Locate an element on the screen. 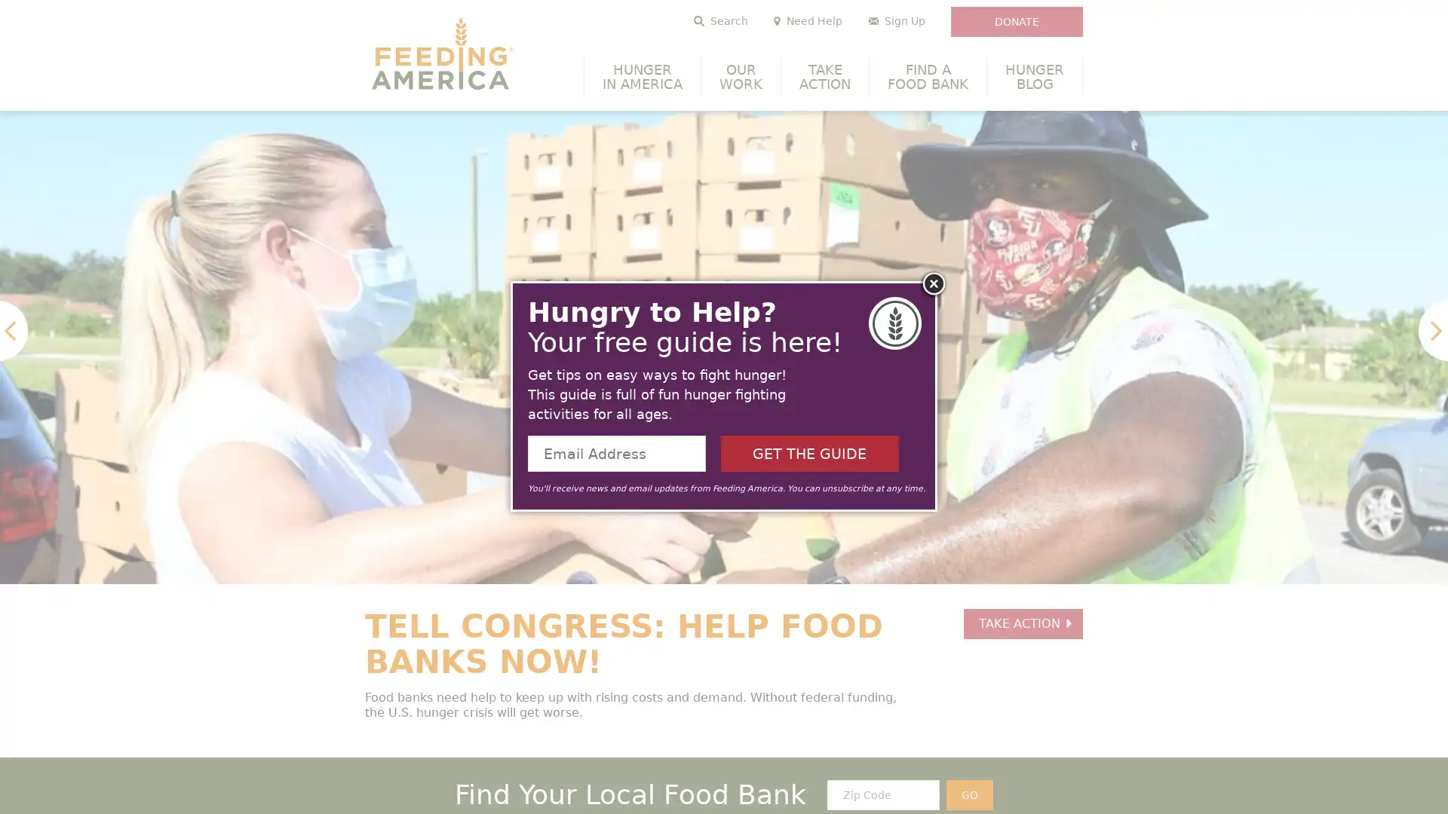 This screenshot has height=814, width=1448. Close is located at coordinates (933, 285).